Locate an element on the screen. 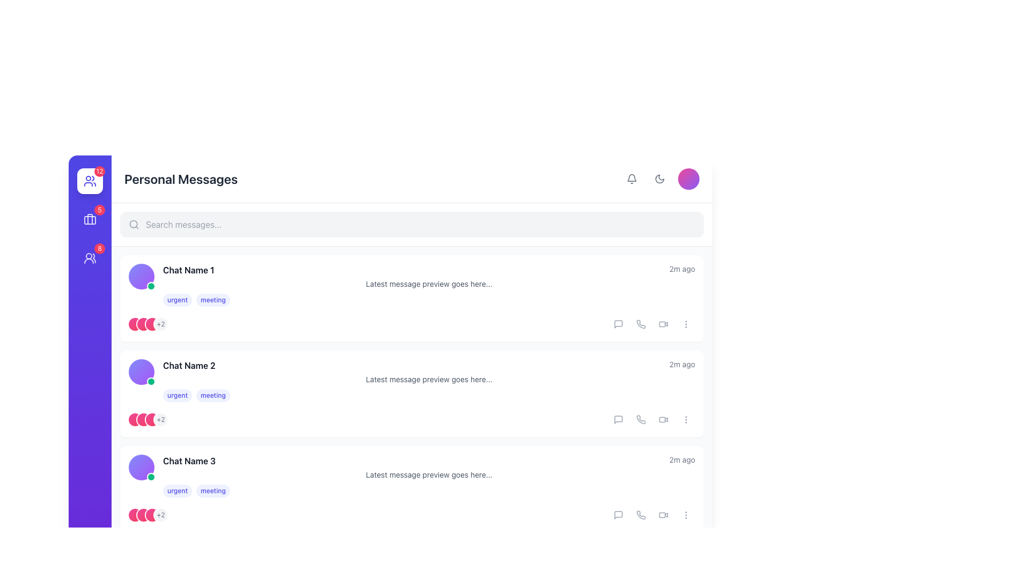  the video camera icon button to initiate a video call for the corresponding chat thread, positioned as the third icon from the left in the action icons row is located at coordinates (663, 514).